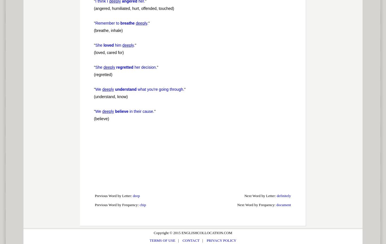  Describe the element at coordinates (108, 45) in the screenshot. I see `'loved'` at that location.